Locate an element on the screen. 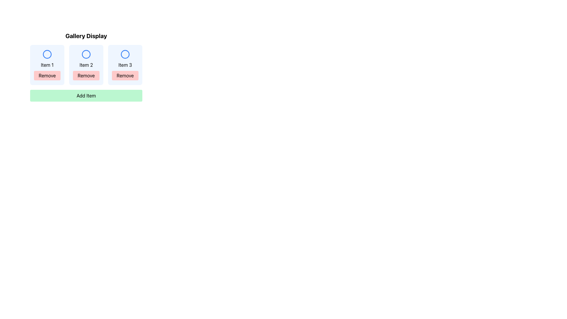 The image size is (567, 319). the 'Remove' button with a light red background located below the 'Item 1' label to observe the background color change to a darker red shade is located at coordinates (47, 75).